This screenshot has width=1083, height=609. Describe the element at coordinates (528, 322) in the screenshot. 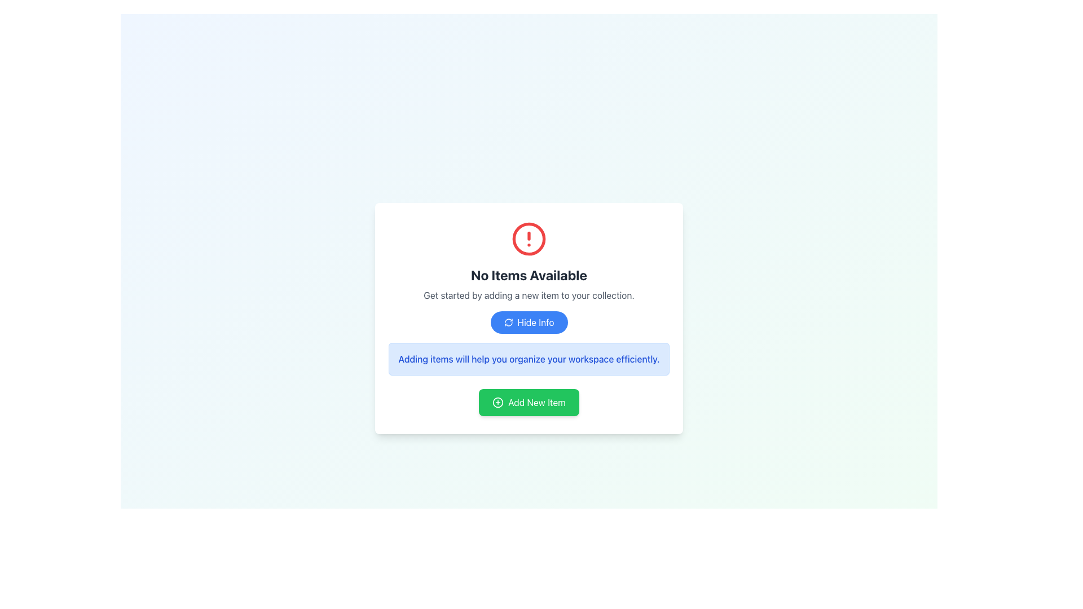

I see `the 'Hide Info' button with rounded edges and a blue background for keyboard interaction` at that location.